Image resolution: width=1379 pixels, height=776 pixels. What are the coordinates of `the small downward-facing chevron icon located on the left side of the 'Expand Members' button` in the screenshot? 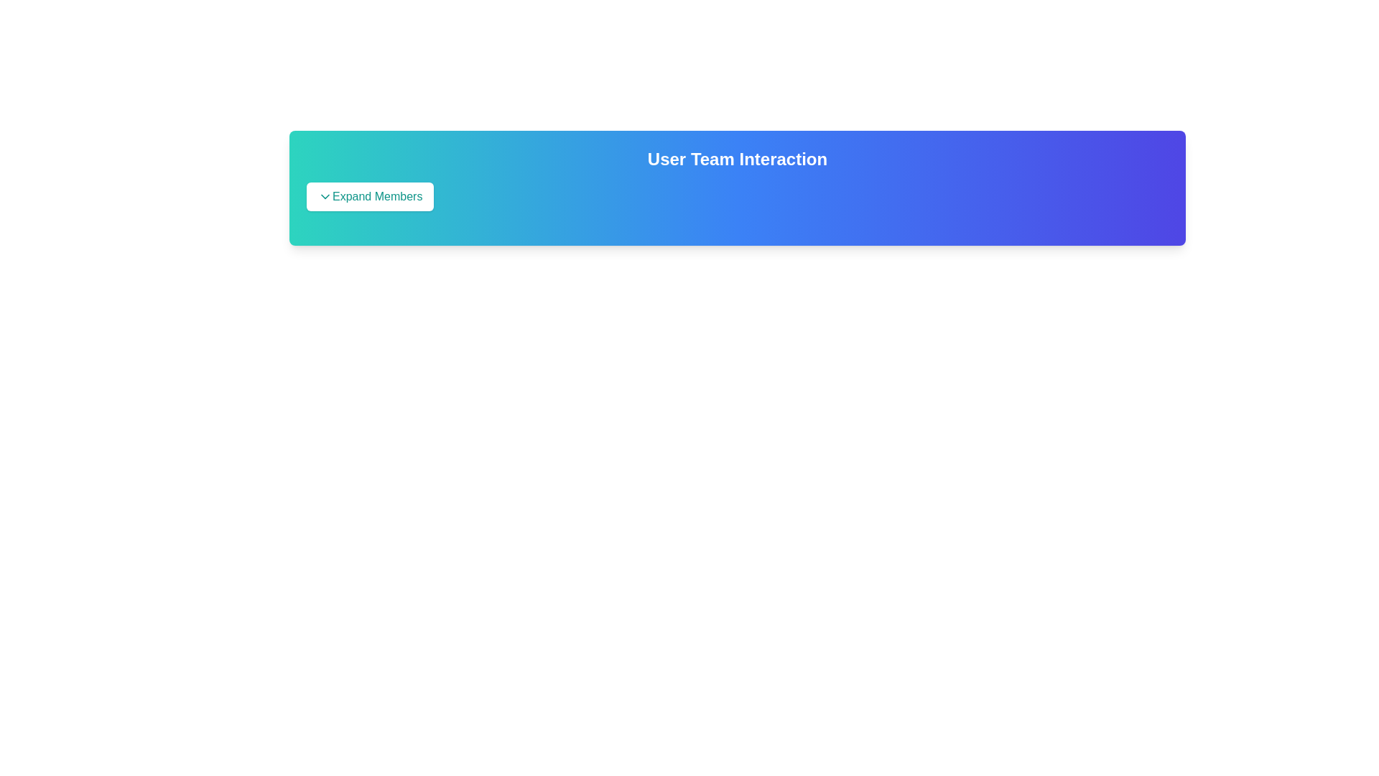 It's located at (324, 196).